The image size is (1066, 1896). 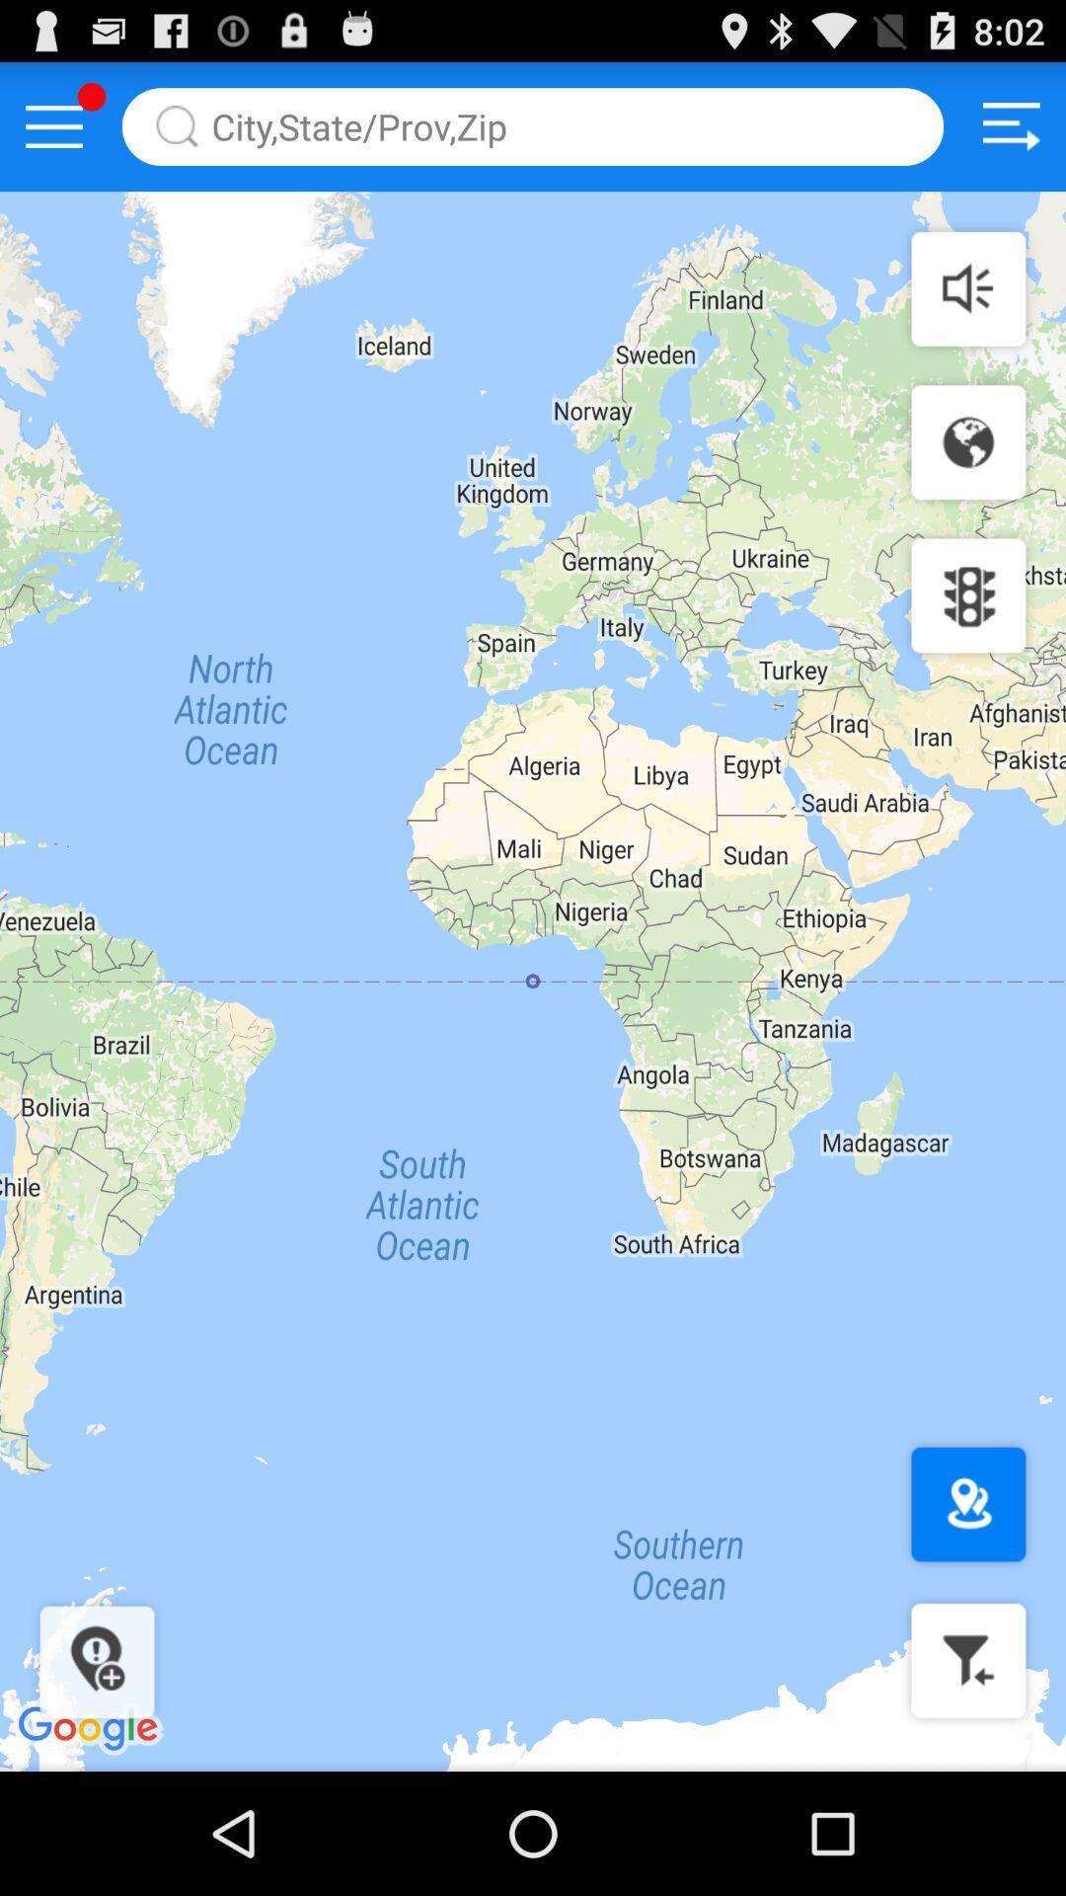 I want to click on the sliders icon, so click(x=1011, y=134).